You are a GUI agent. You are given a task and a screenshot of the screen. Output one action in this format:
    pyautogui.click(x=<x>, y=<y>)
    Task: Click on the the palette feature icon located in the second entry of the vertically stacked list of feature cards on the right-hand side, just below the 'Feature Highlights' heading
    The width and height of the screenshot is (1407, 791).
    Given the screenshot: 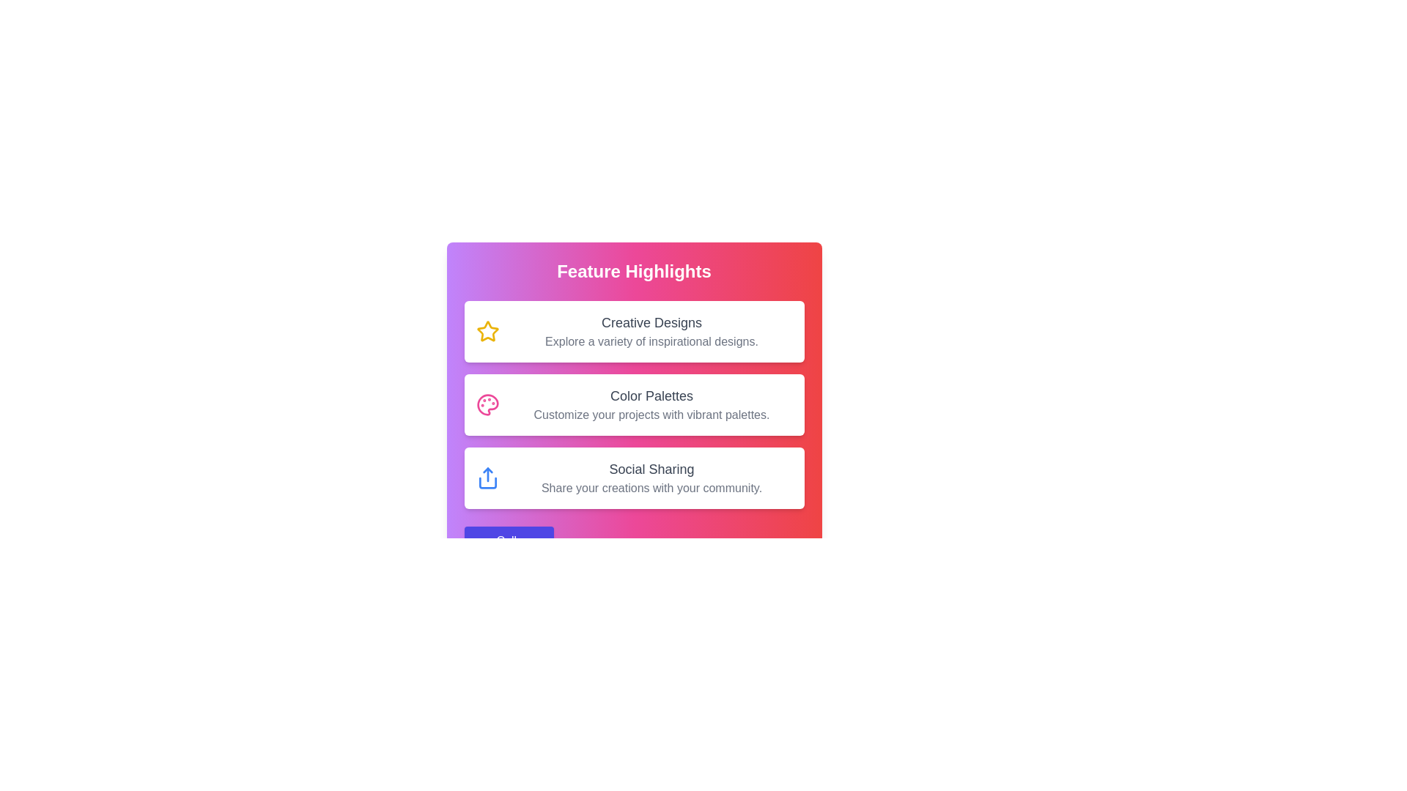 What is the action you would take?
    pyautogui.click(x=487, y=404)
    